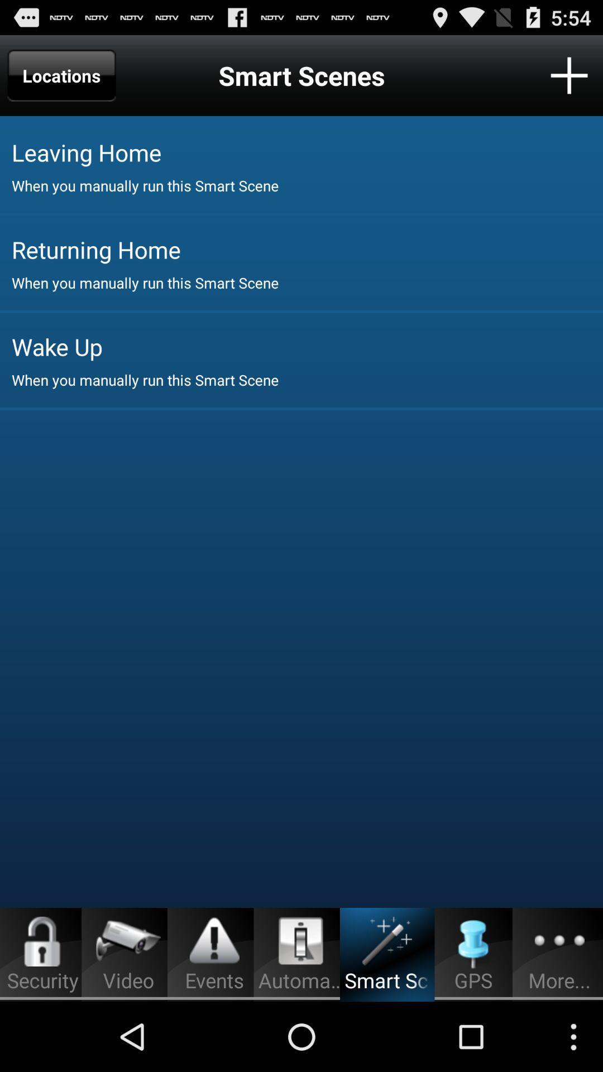  I want to click on returning home, so click(307, 248).